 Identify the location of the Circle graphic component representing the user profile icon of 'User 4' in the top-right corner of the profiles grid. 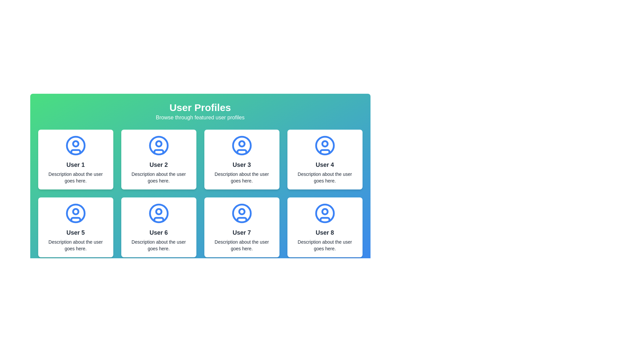
(325, 145).